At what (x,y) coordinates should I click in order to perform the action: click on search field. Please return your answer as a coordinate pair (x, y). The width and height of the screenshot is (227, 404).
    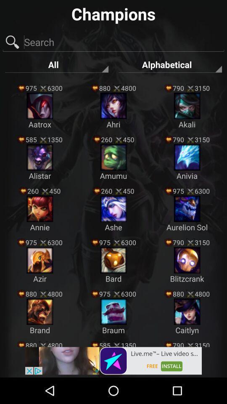
    Looking at the image, I should click on (113, 43).